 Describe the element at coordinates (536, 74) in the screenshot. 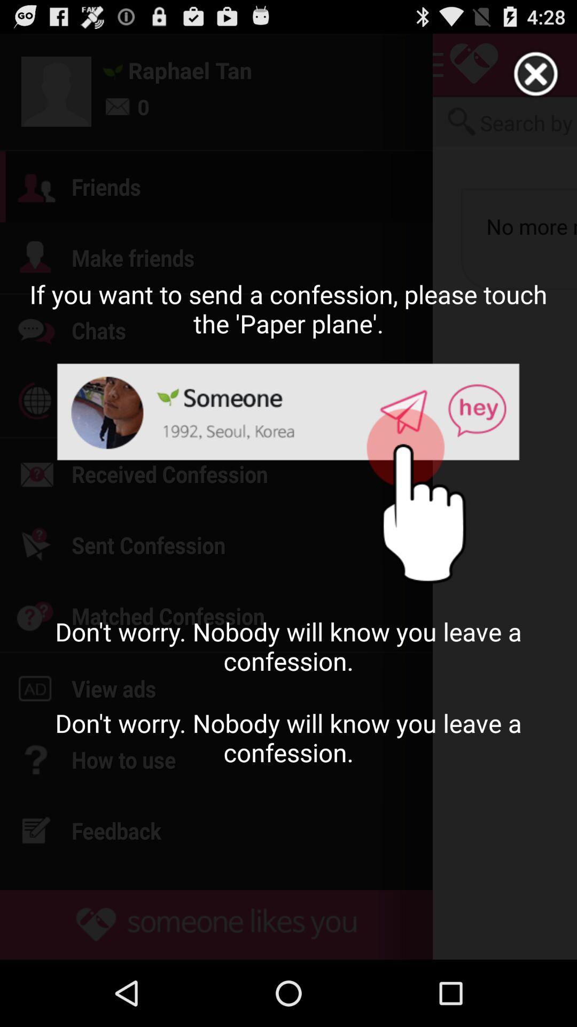

I see `out` at that location.